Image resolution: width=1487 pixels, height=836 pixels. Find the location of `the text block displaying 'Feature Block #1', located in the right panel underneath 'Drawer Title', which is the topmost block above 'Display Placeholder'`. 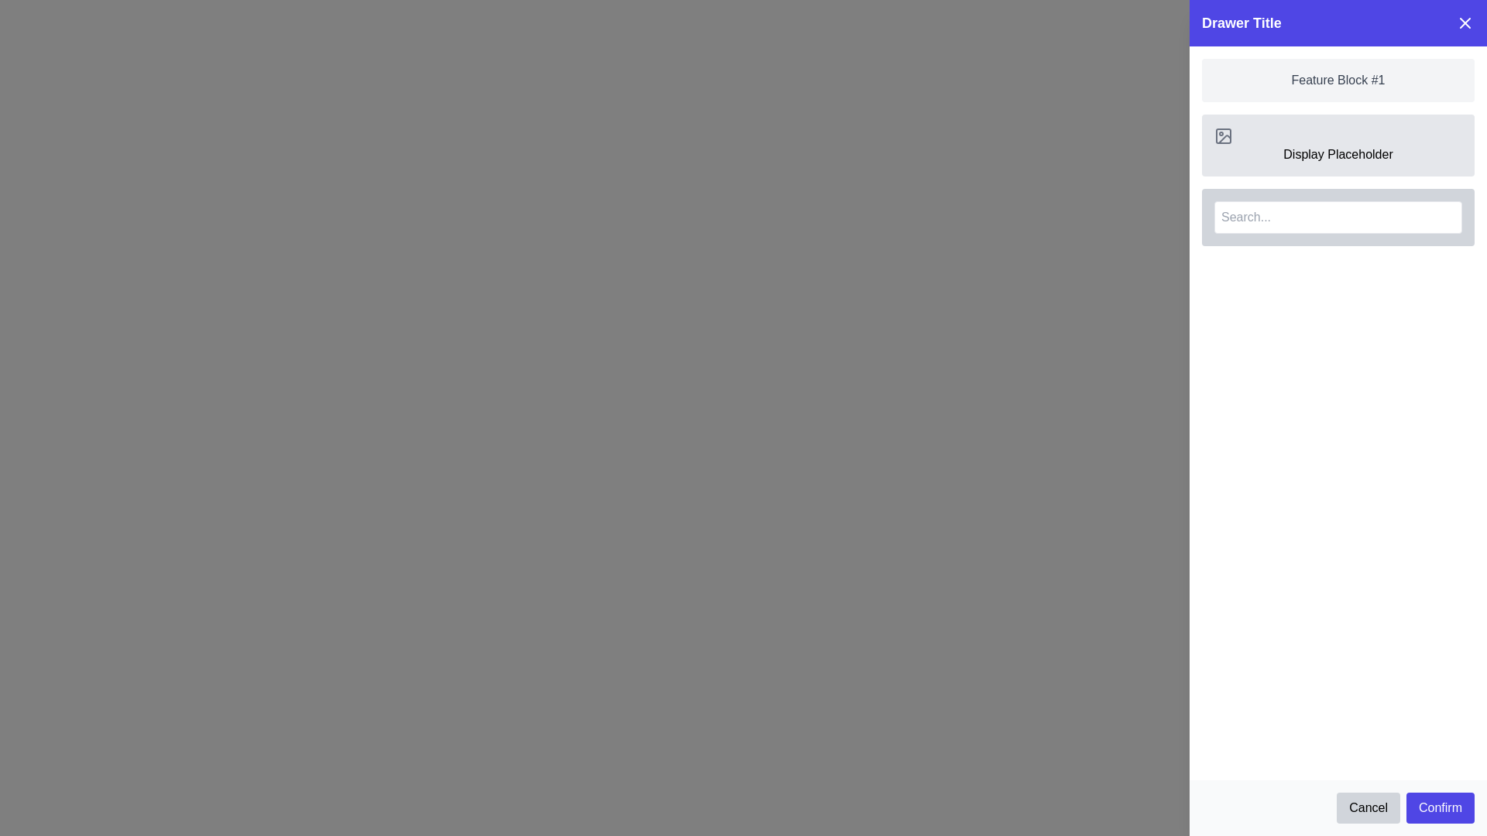

the text block displaying 'Feature Block #1', located in the right panel underneath 'Drawer Title', which is the topmost block above 'Display Placeholder' is located at coordinates (1338, 81).